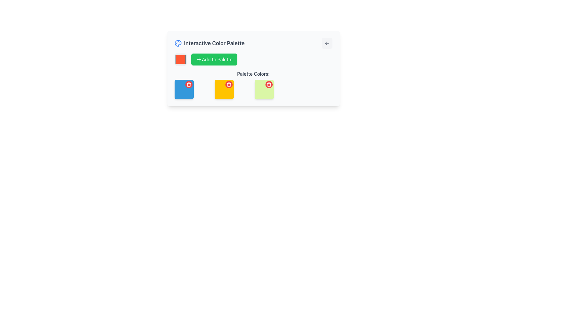 This screenshot has width=574, height=323. I want to click on the delete button located in the top-right corner of the yellow color tile in the palette, so click(228, 84).